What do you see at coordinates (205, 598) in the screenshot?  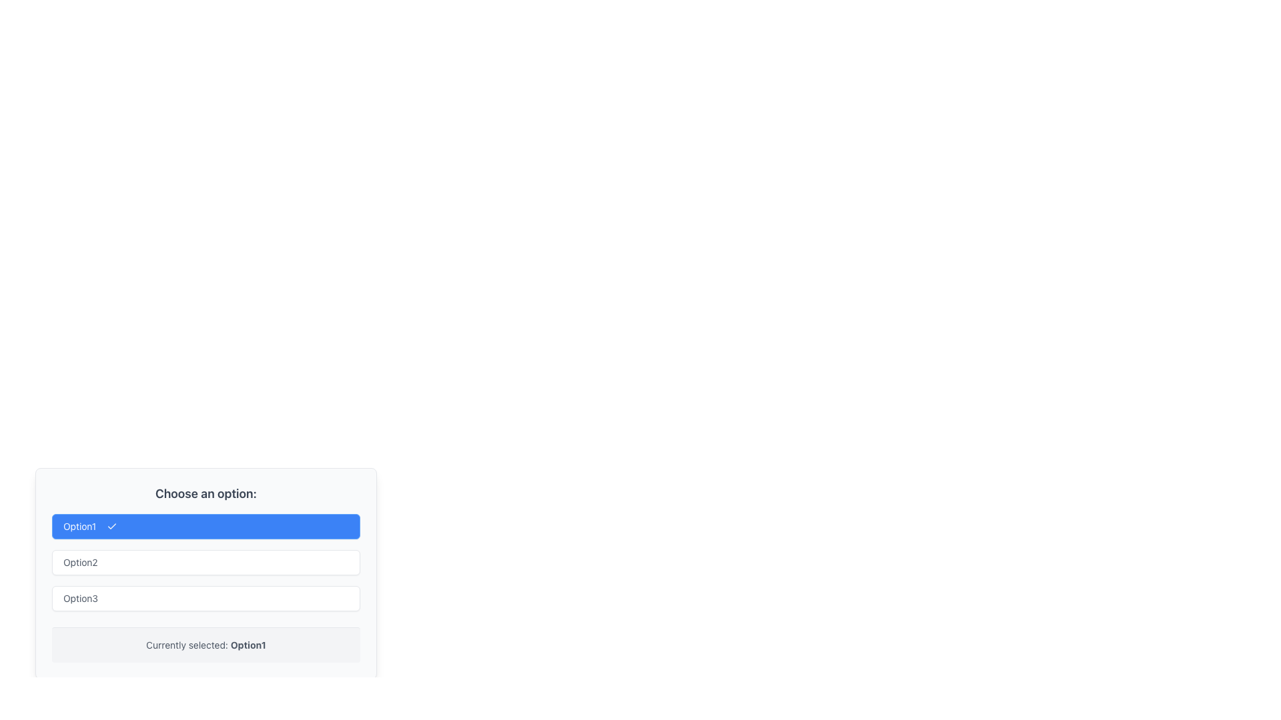 I see `the button labeled 'Option3', which is a rectangular button with a white background and rounded corners` at bounding box center [205, 598].